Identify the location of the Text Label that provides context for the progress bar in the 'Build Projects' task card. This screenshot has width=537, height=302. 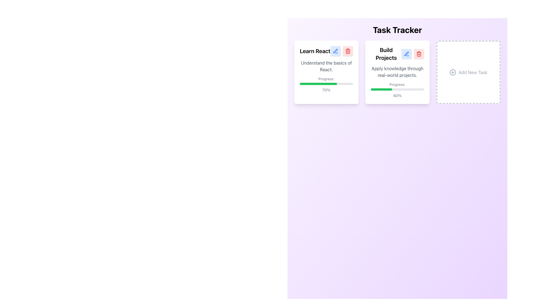
(397, 84).